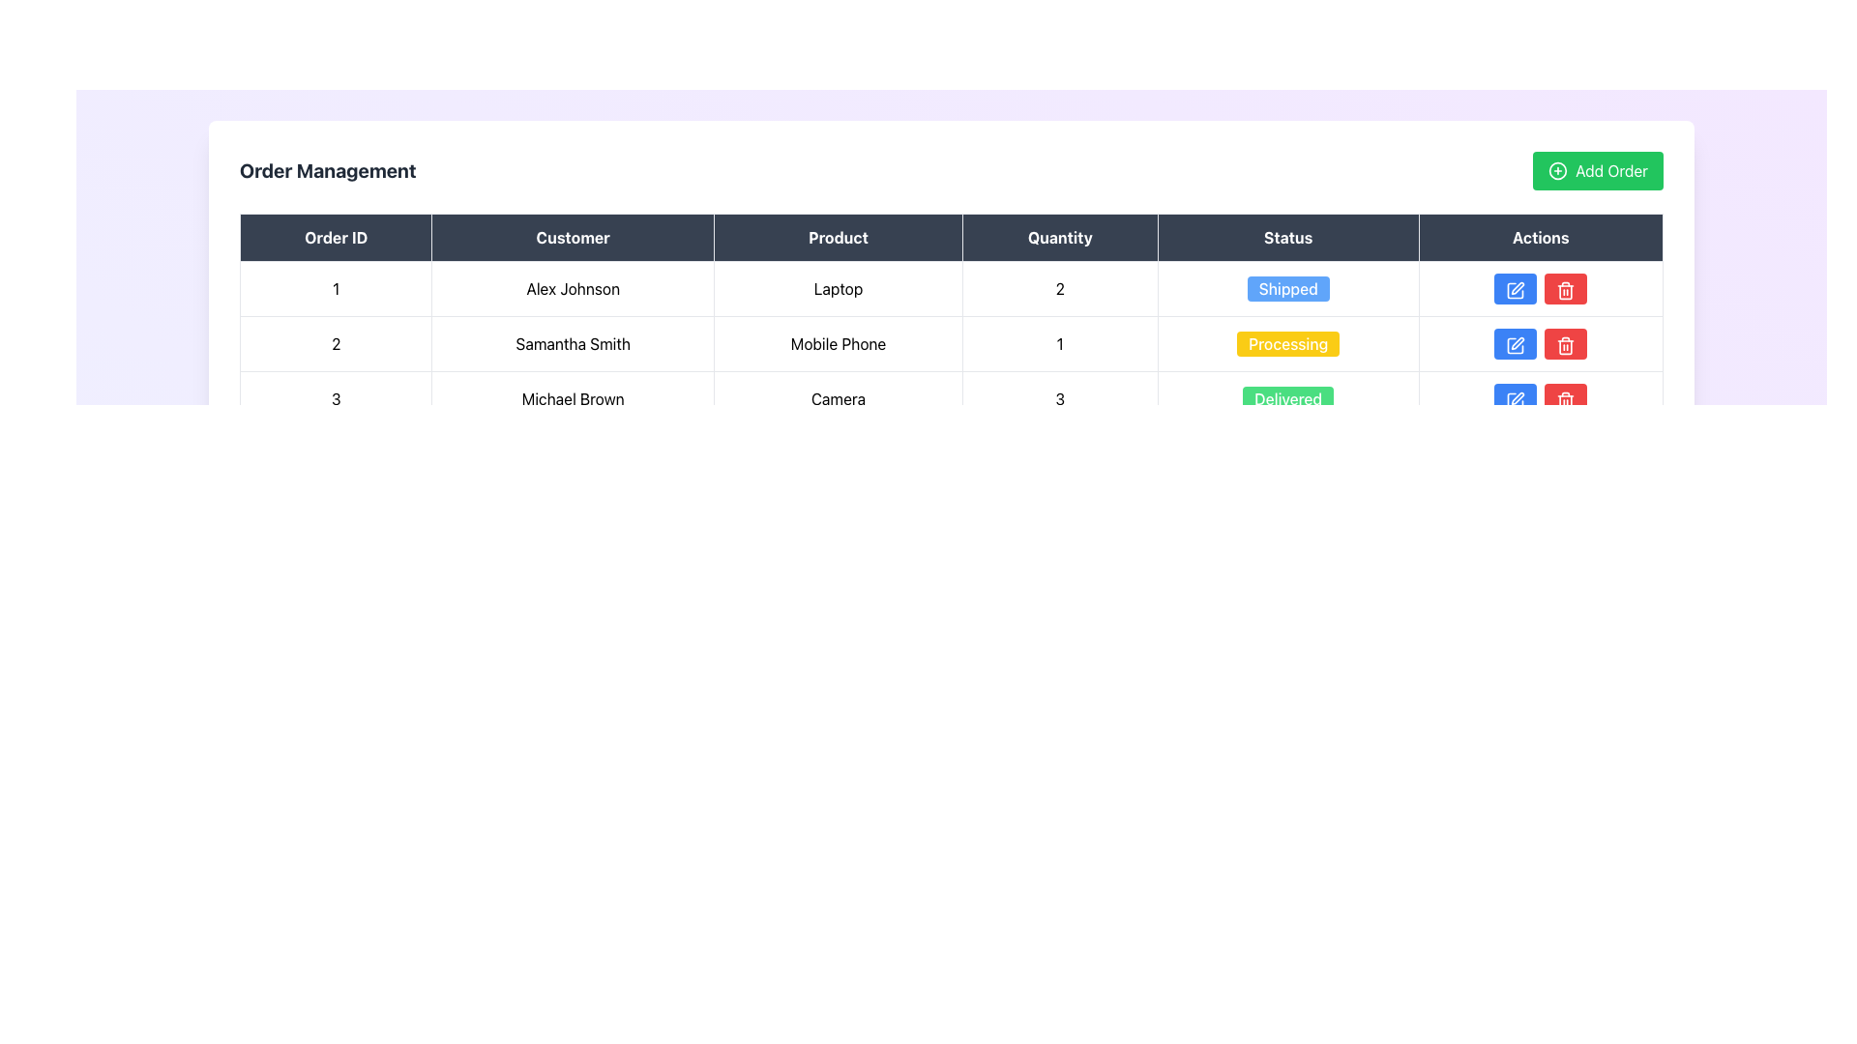  Describe the element at coordinates (1566, 397) in the screenshot. I see `the deletion button located in the 'Actions' column of the last row of the table, which is positioned to the right of a blue edit button` at that location.